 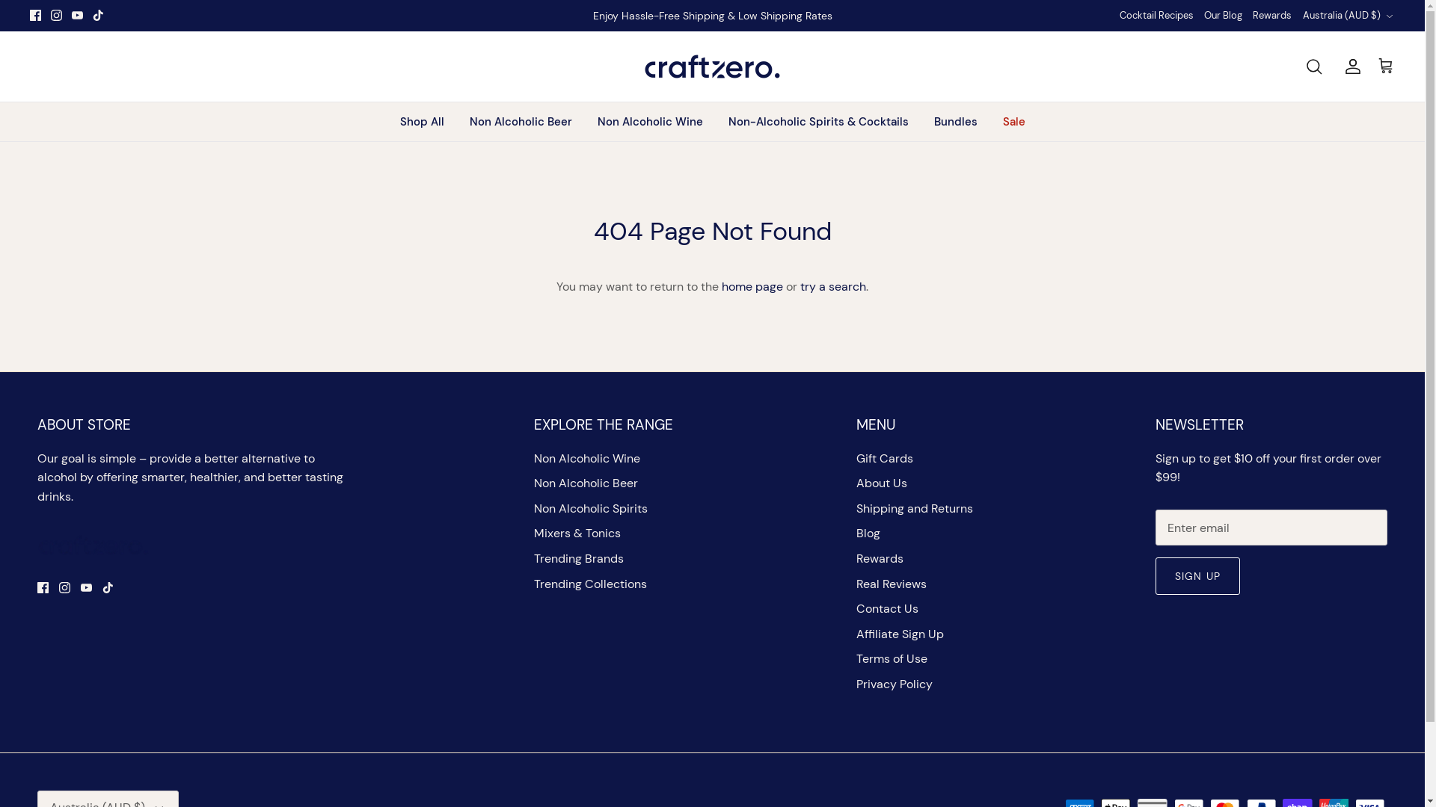 I want to click on 'Cocktail Recipes', so click(x=1120, y=16).